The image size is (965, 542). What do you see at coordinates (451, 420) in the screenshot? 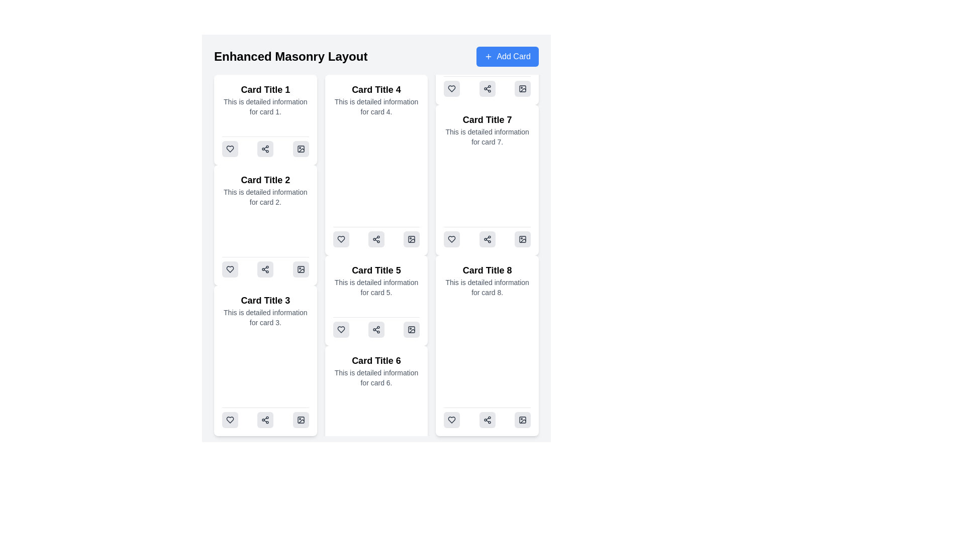
I see `the heart-shaped icon button located at the bottom-left section of the card labeled 'Card Title 8'` at bounding box center [451, 420].